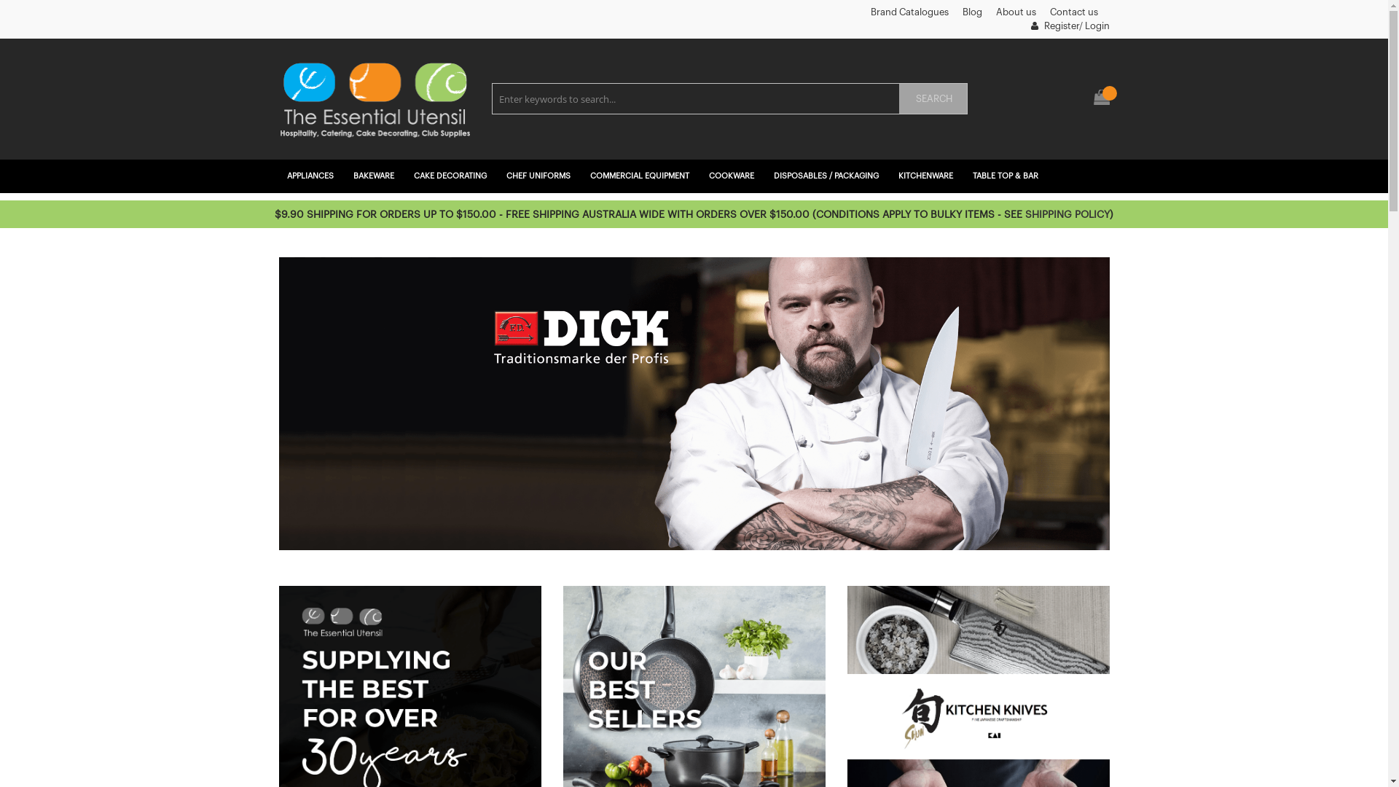  What do you see at coordinates (1014, 12) in the screenshot?
I see `'About us'` at bounding box center [1014, 12].